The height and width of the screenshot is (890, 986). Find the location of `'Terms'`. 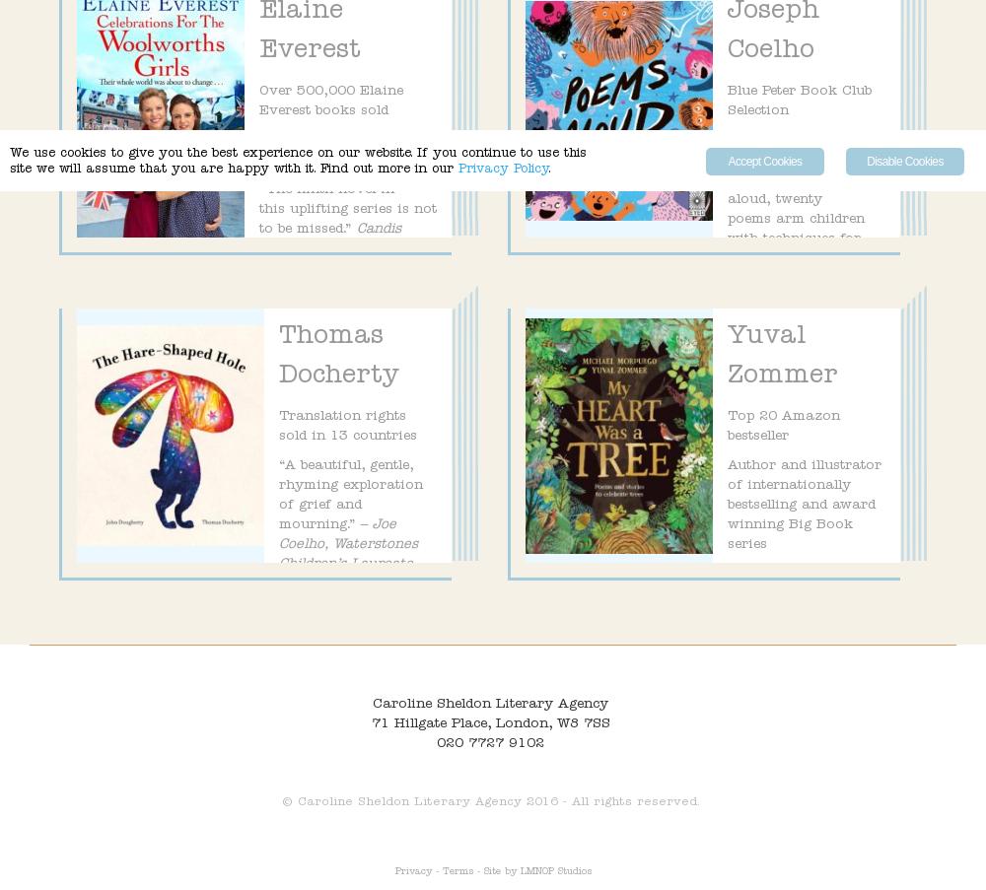

'Terms' is located at coordinates (456, 872).